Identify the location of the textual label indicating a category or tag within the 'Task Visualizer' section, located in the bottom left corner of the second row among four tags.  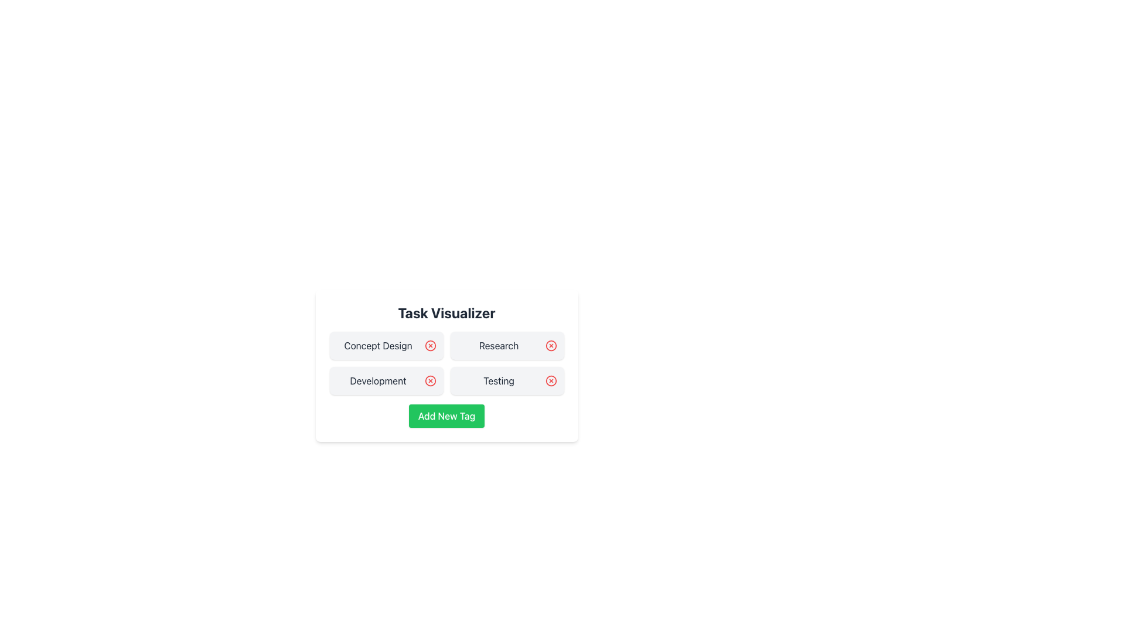
(378, 381).